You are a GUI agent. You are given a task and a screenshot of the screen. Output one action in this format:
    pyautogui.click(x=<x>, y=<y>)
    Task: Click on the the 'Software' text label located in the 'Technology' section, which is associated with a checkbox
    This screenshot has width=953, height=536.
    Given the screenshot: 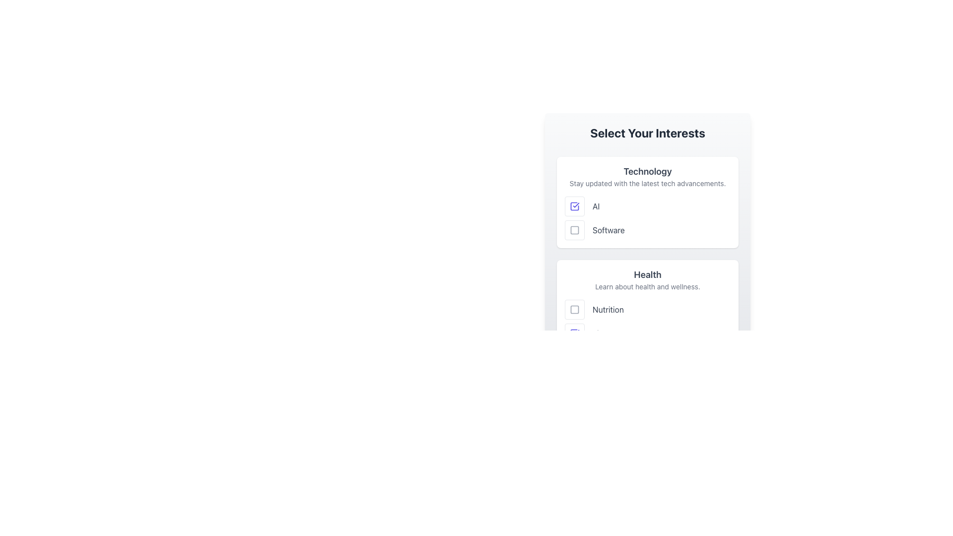 What is the action you would take?
    pyautogui.click(x=608, y=230)
    